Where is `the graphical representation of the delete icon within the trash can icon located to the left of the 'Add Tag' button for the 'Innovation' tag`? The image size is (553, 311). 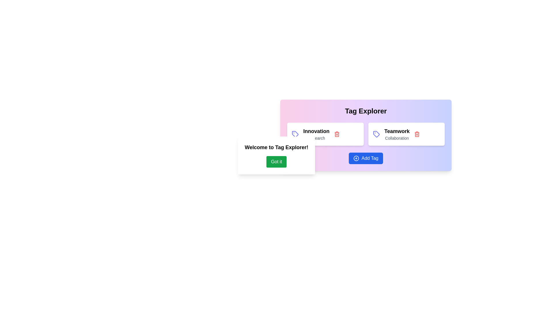 the graphical representation of the delete icon within the trash can icon located to the left of the 'Add Tag' button for the 'Innovation' tag is located at coordinates (337, 134).